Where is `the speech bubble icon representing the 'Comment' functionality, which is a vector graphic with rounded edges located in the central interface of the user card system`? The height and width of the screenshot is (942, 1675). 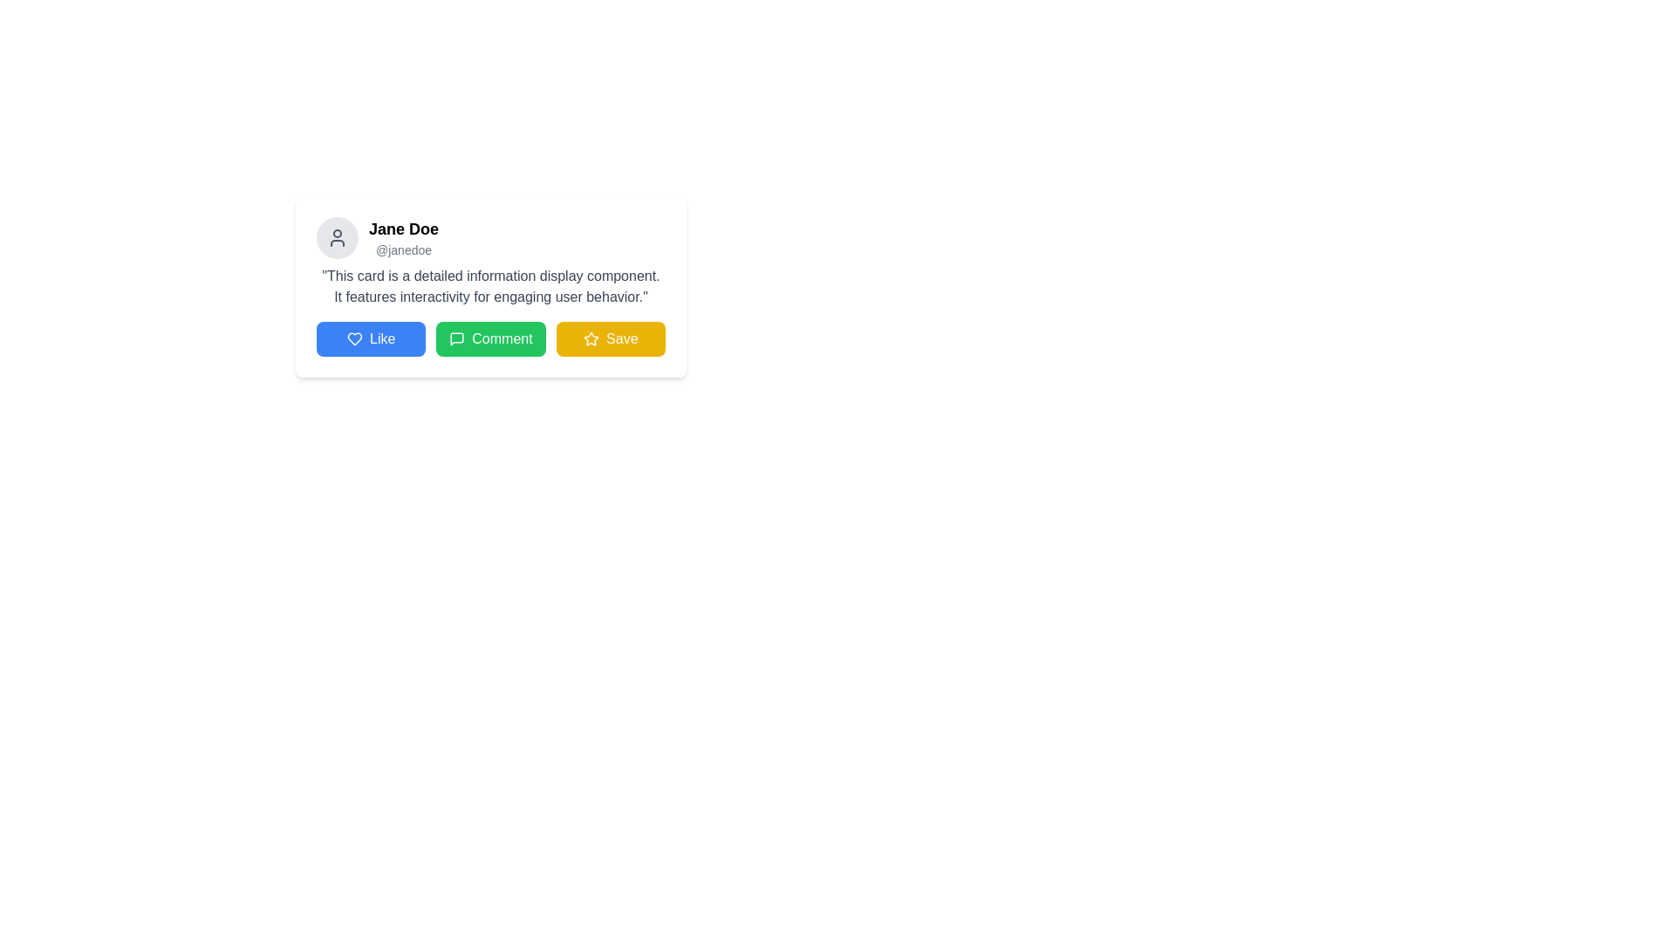 the speech bubble icon representing the 'Comment' functionality, which is a vector graphic with rounded edges located in the central interface of the user card system is located at coordinates (457, 339).